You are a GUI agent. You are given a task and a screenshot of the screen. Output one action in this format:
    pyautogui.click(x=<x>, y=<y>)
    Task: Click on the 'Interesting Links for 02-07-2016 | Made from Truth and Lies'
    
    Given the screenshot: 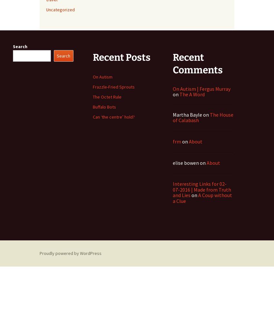 What is the action you would take?
    pyautogui.click(x=172, y=189)
    